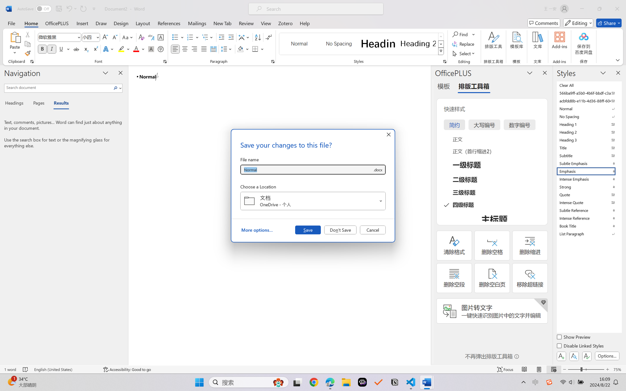 This screenshot has height=391, width=626. What do you see at coordinates (588, 116) in the screenshot?
I see `'No Spacing'` at bounding box center [588, 116].